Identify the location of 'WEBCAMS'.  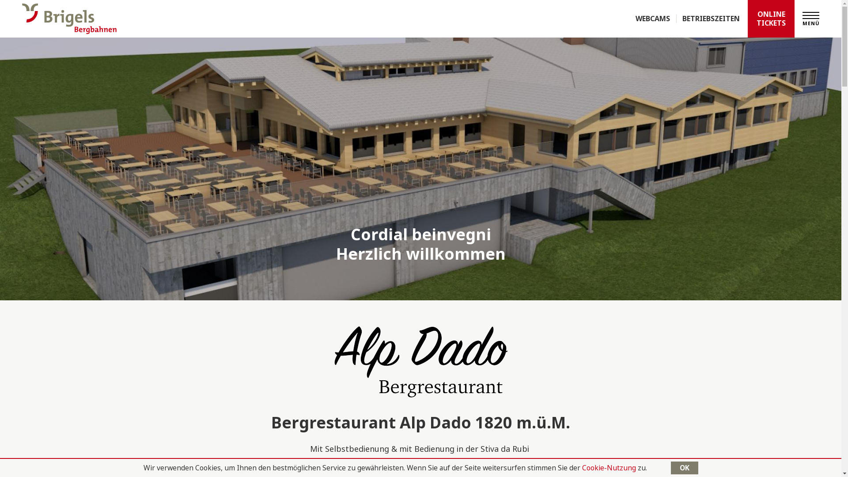
(653, 19).